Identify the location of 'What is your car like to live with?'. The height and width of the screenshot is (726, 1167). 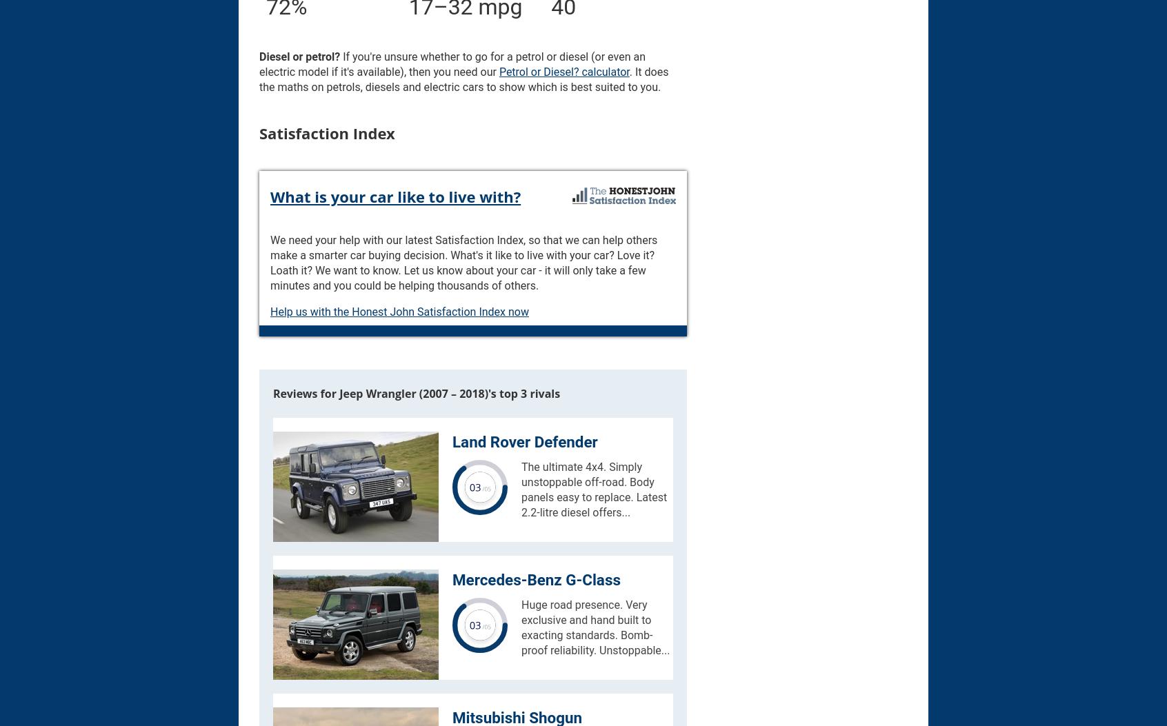
(270, 194).